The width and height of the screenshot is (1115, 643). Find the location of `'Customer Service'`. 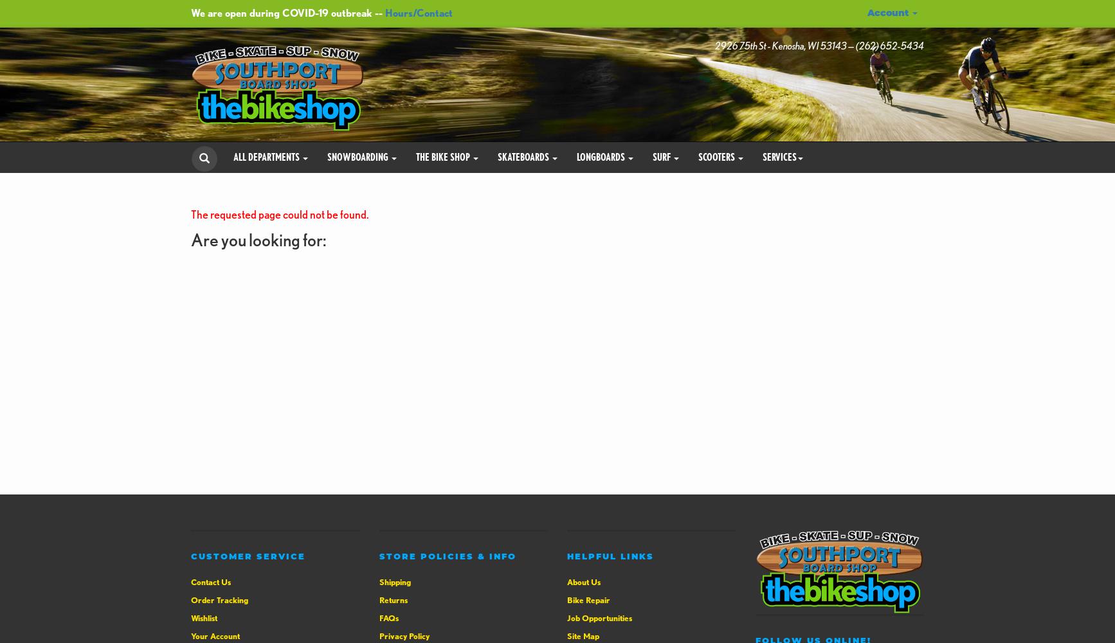

'Customer Service' is located at coordinates (191, 555).